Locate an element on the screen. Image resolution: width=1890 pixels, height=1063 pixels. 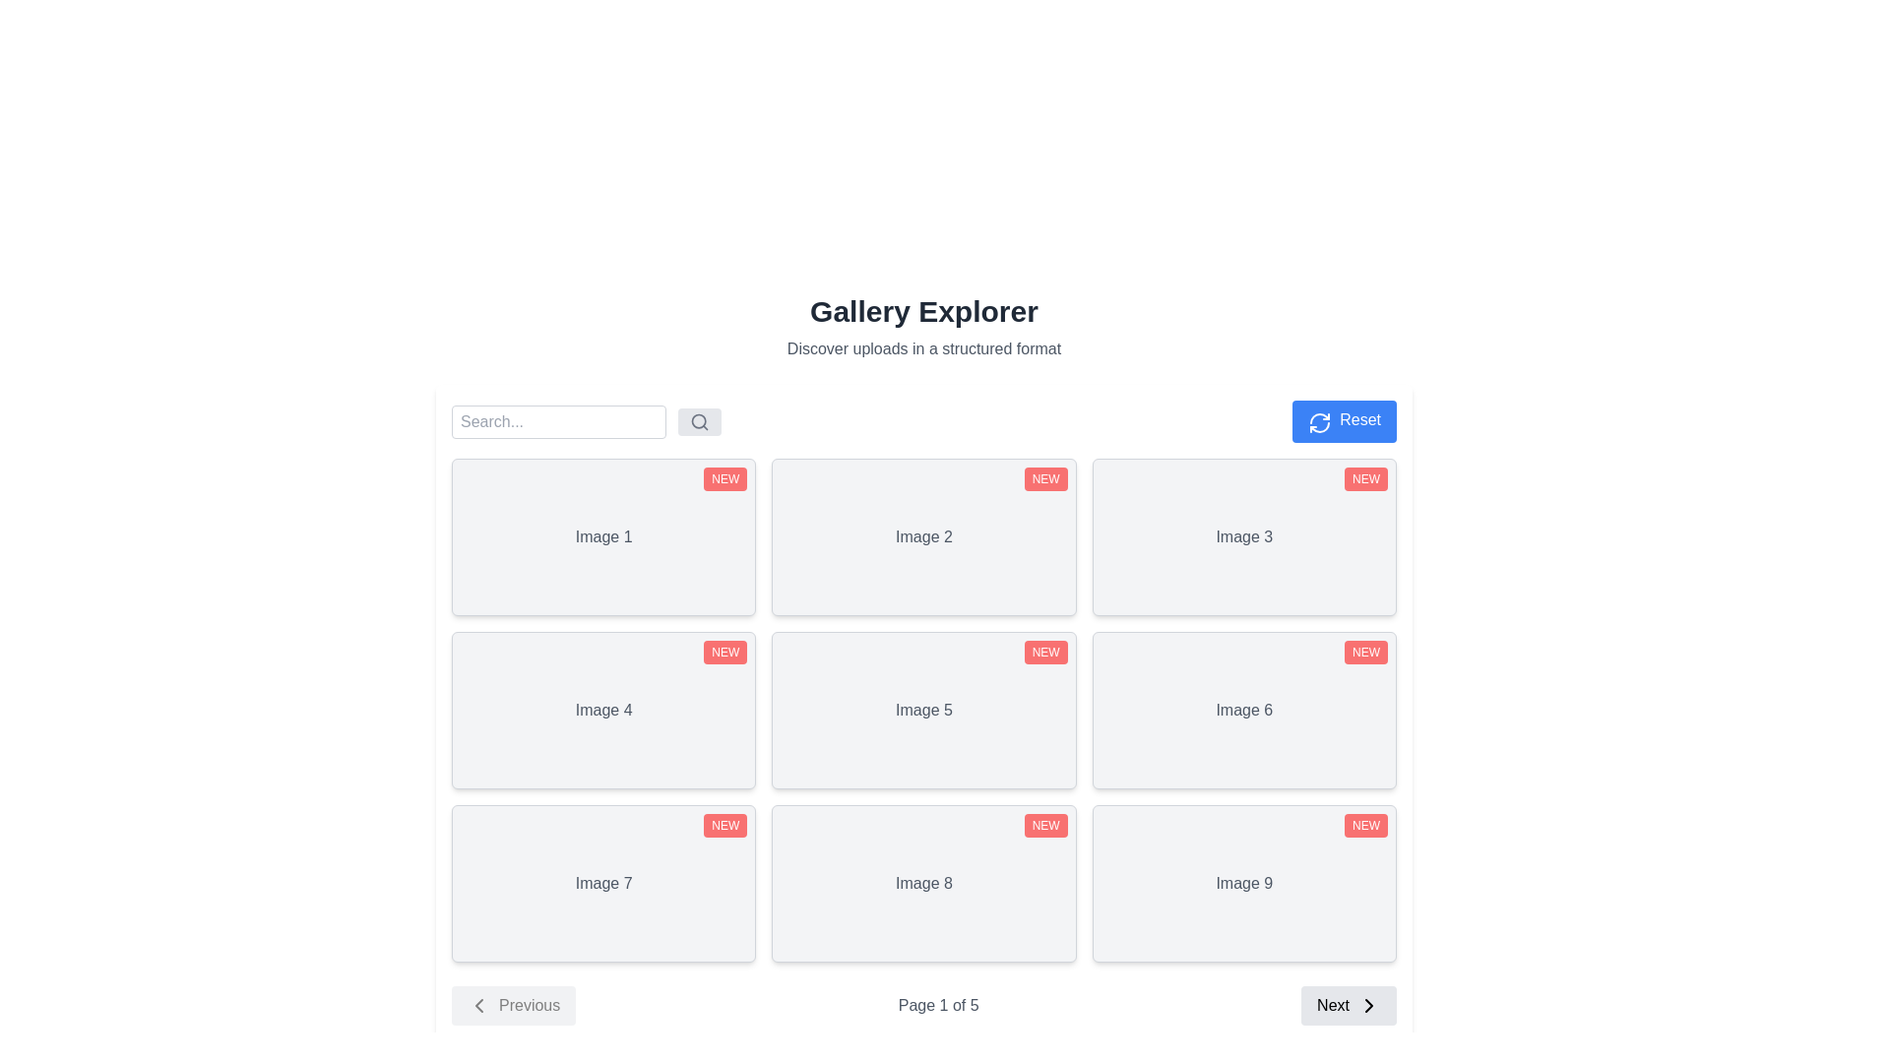
the content display card labeled 'Image 5', which has a light gray background, a border, and a red 'NEW' badge in the top-right corner is located at coordinates (923, 710).